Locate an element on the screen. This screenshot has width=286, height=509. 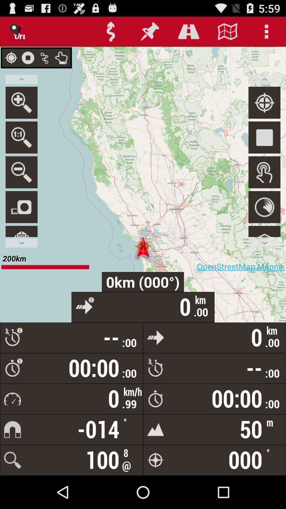
the location_crosshair icon is located at coordinates (264, 109).